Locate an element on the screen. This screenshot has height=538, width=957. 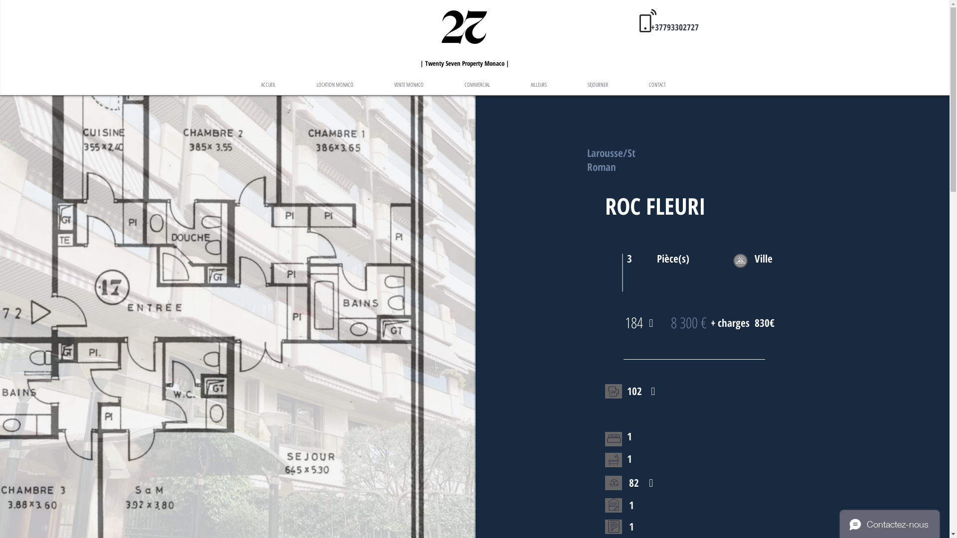
'COMMERCIAL' is located at coordinates (476, 84).